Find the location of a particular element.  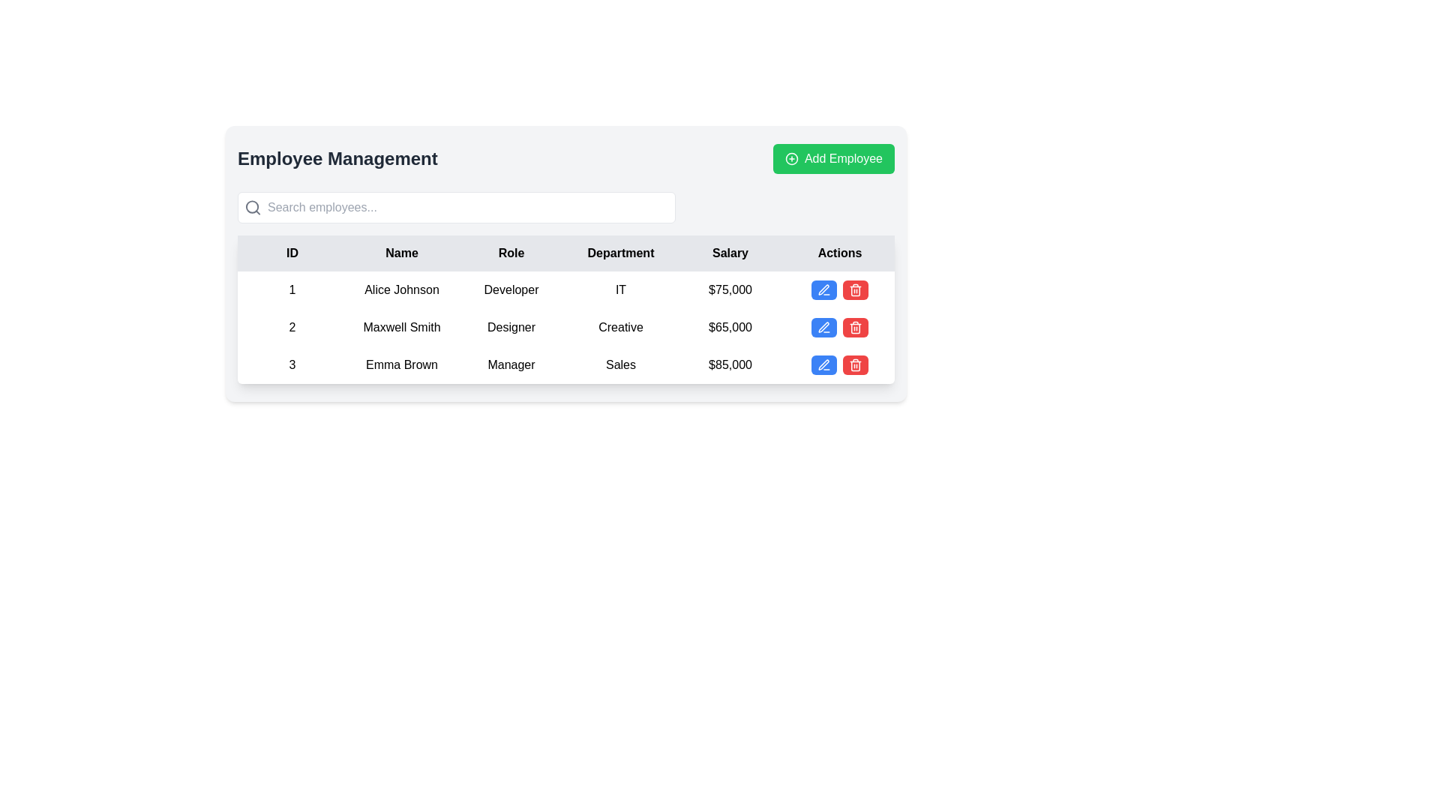

the third row in the Employee Management table that contains information about the employee Emma Brown, including ID, Name, Role, Department, Salary, and Action buttons is located at coordinates (565, 364).